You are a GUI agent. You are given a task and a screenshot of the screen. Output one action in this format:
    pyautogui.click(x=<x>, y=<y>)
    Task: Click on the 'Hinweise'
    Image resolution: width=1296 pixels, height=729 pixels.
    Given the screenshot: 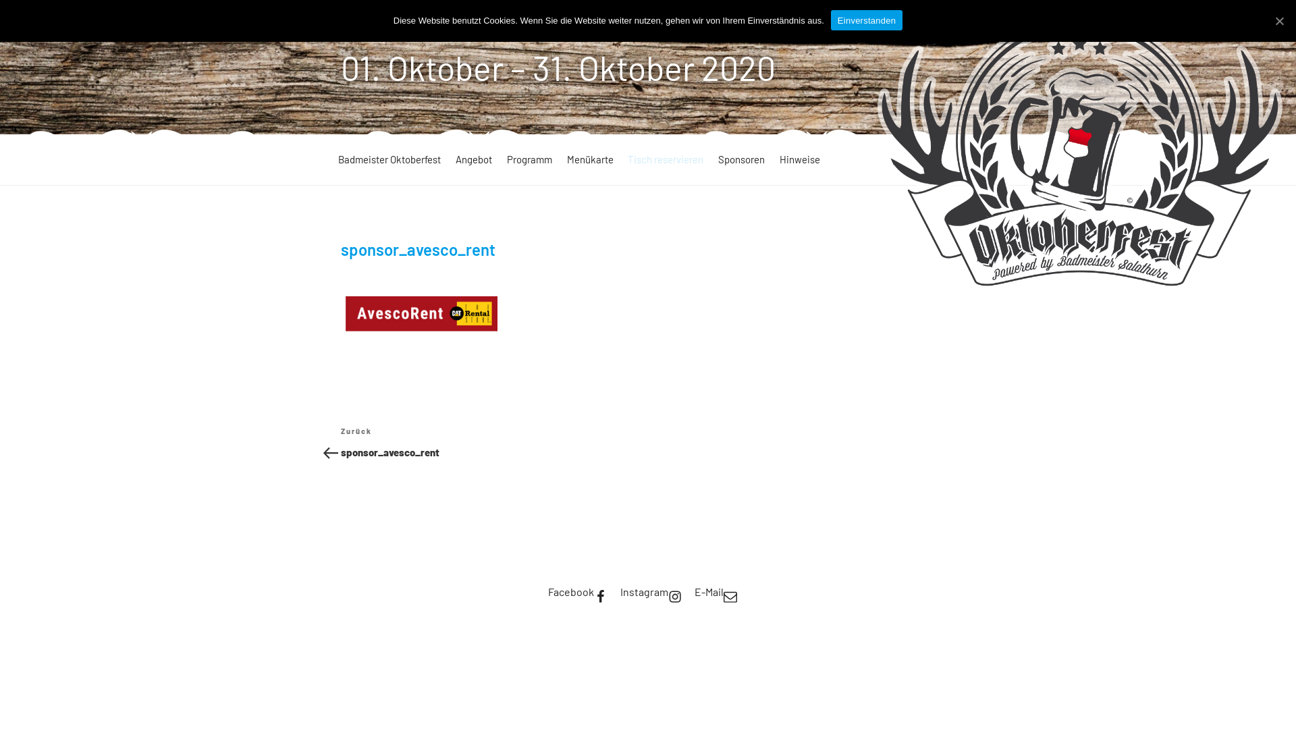 What is the action you would take?
    pyautogui.click(x=799, y=159)
    